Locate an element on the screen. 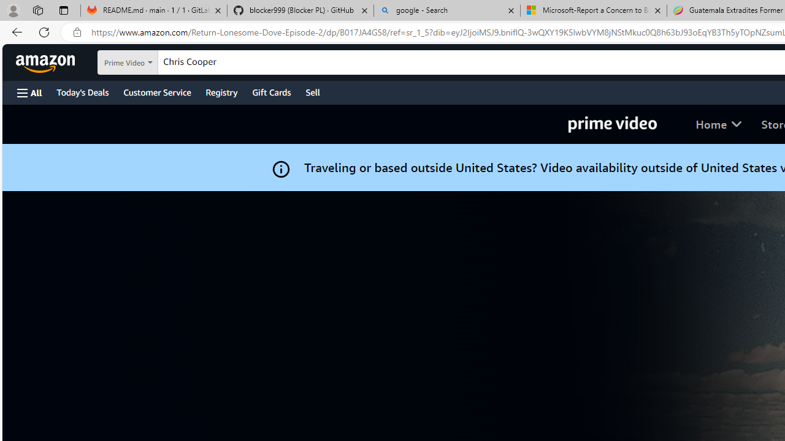 This screenshot has height=441, width=785. 'Skip to main content' is located at coordinates (53, 61).